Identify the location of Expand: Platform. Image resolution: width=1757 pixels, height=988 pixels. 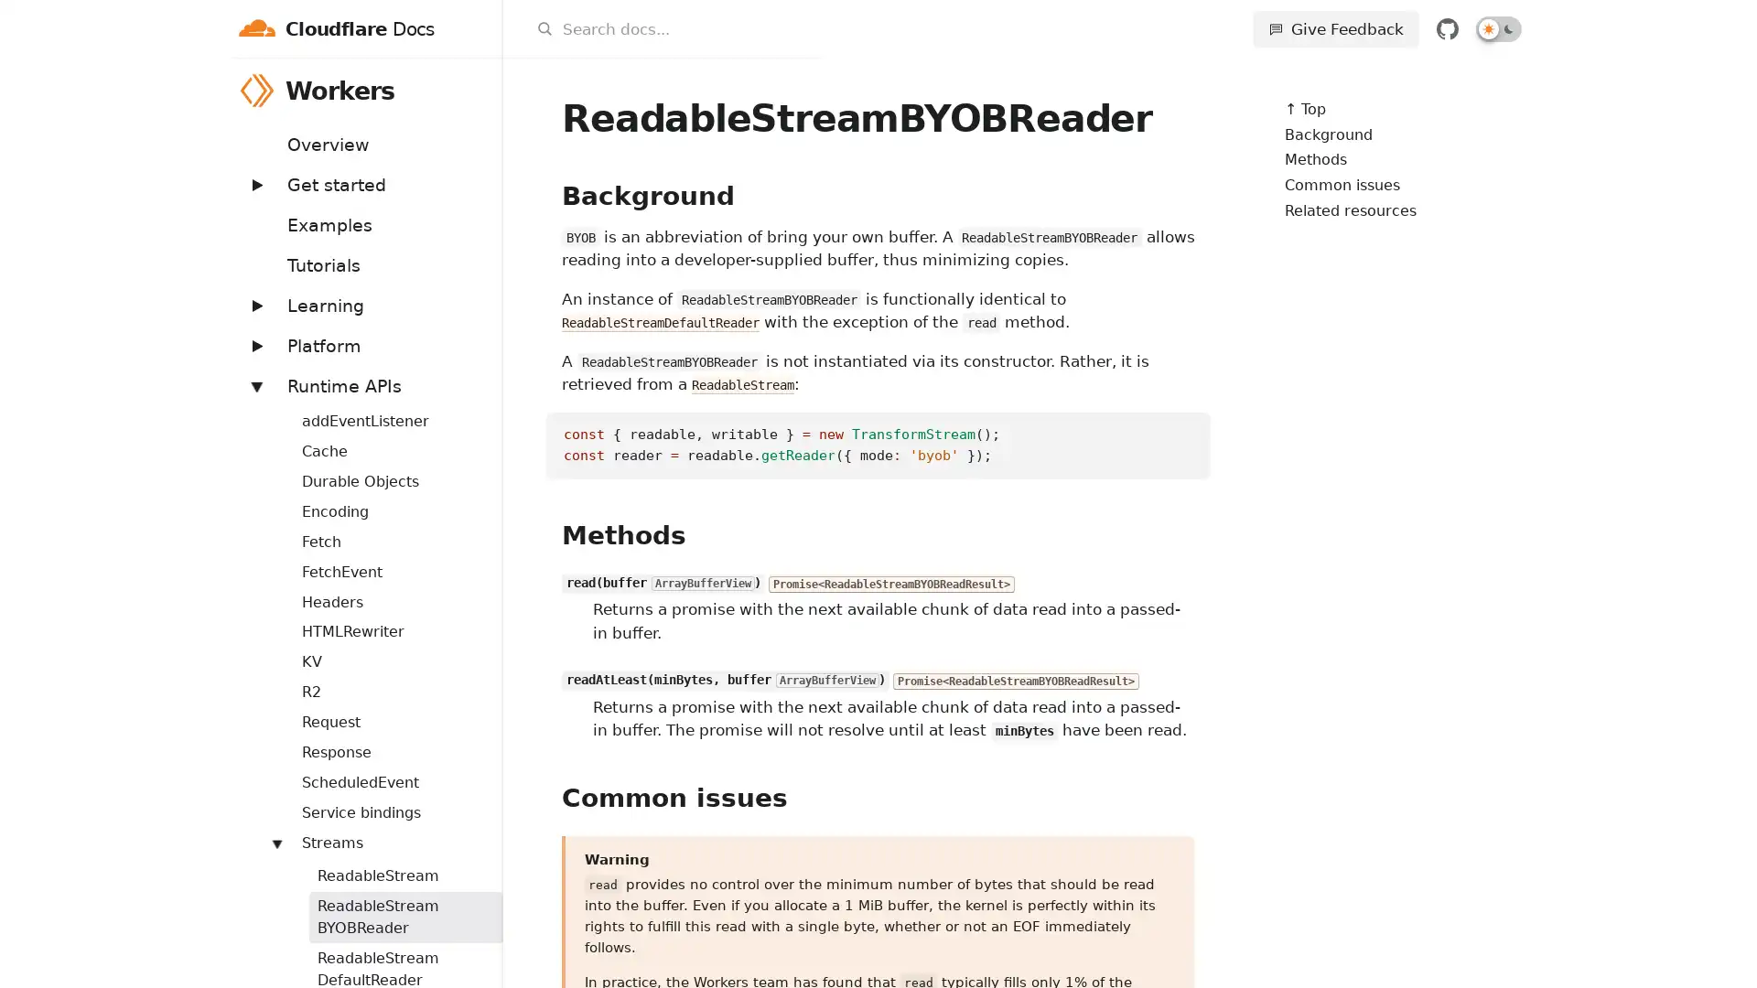
(254, 345).